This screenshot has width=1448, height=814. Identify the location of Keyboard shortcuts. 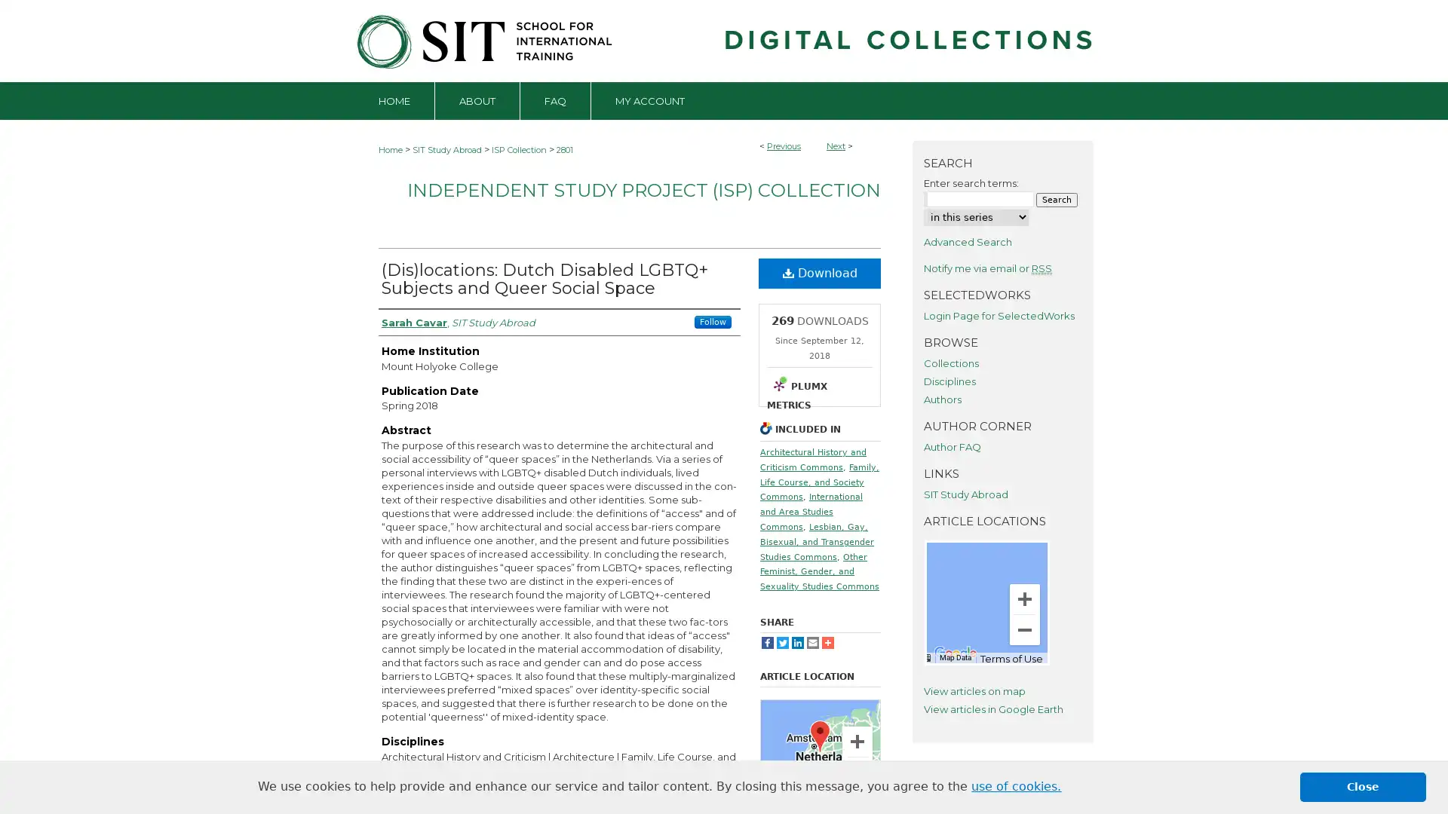
(923, 656).